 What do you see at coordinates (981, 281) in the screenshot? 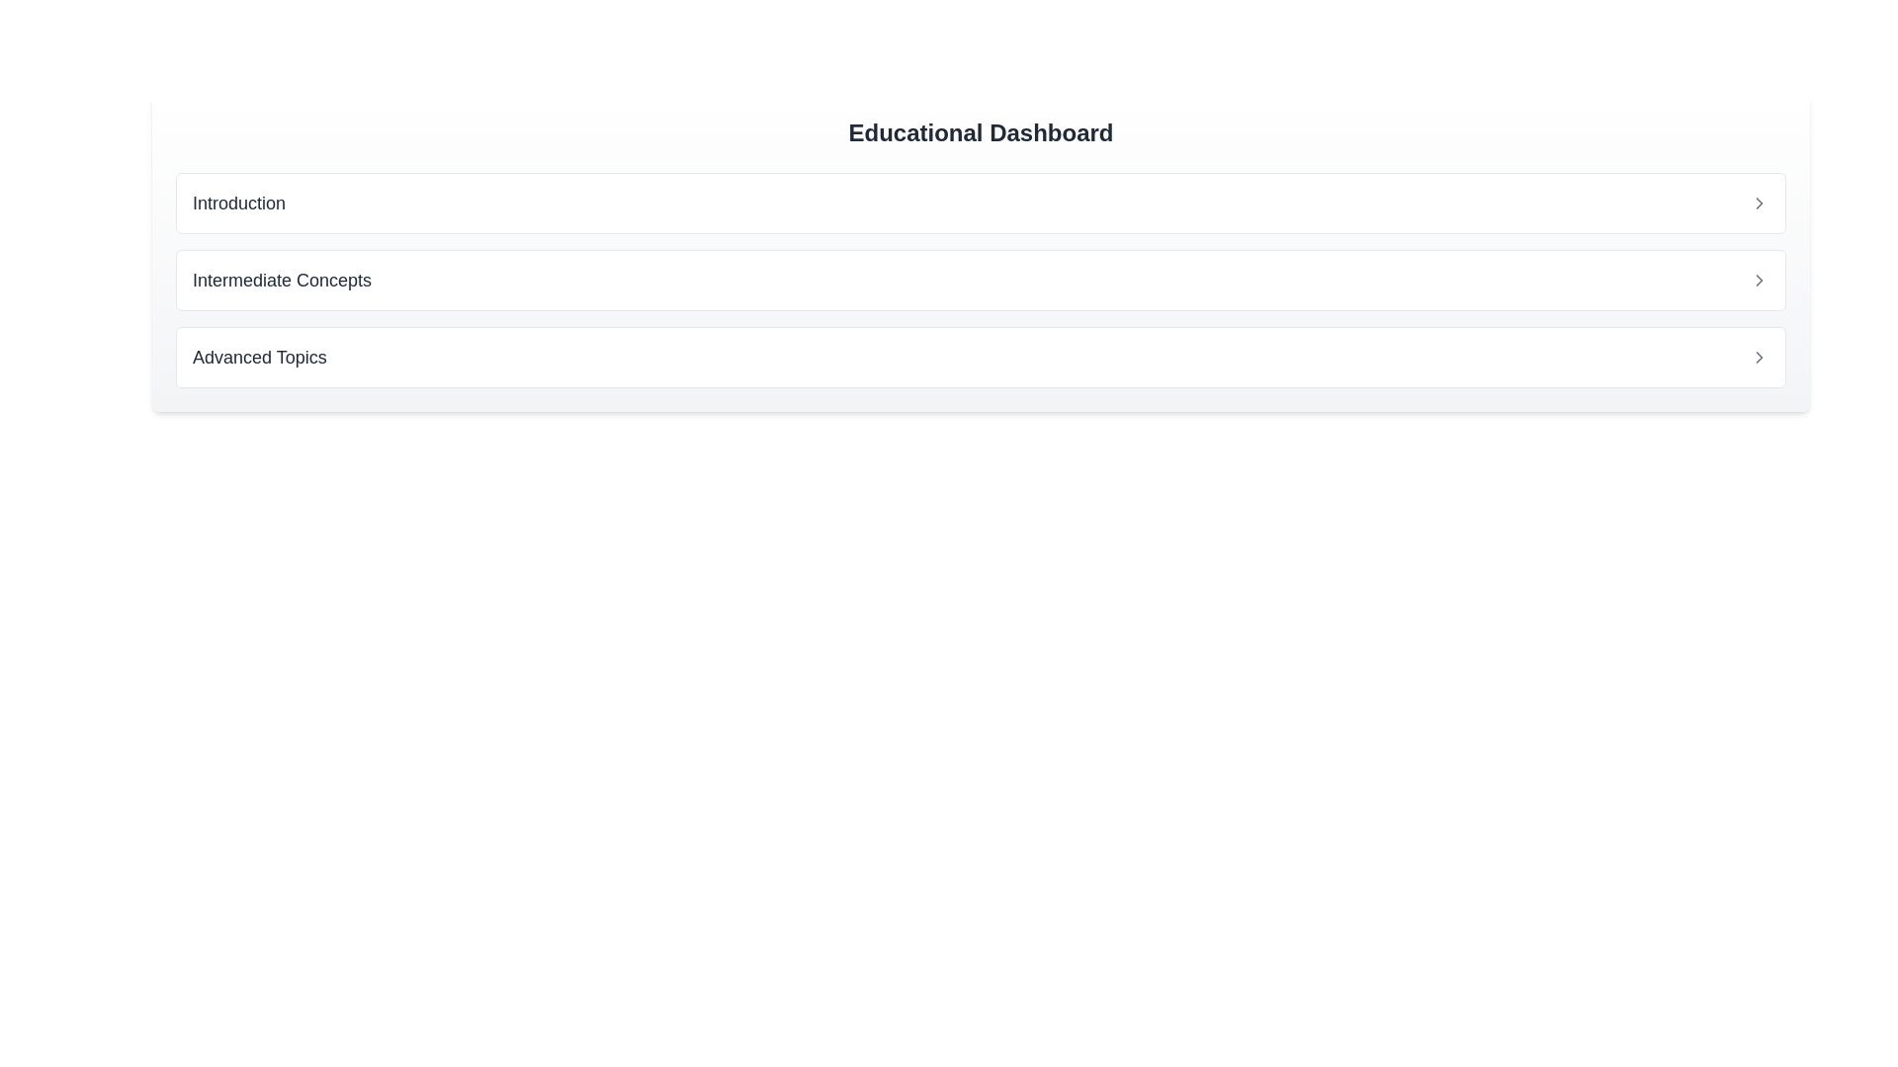
I see `the 'Intermediate Concepts' navigational card element, which is the second card in a vertical list of three cards` at bounding box center [981, 281].